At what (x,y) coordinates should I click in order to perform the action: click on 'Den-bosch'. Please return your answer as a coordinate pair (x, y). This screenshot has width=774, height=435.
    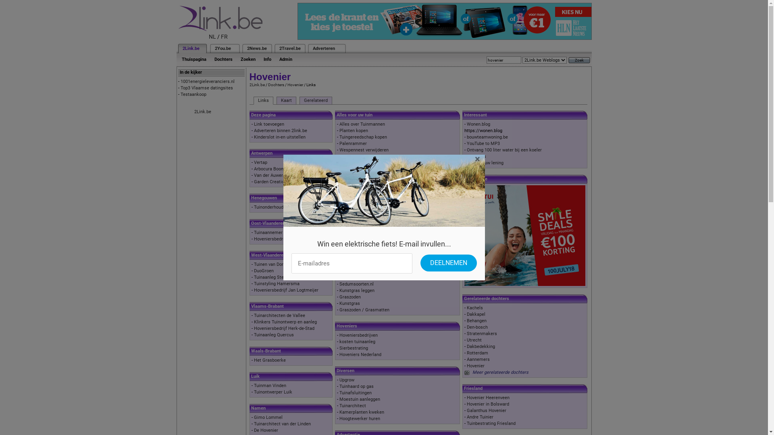
    Looking at the image, I should click on (466, 327).